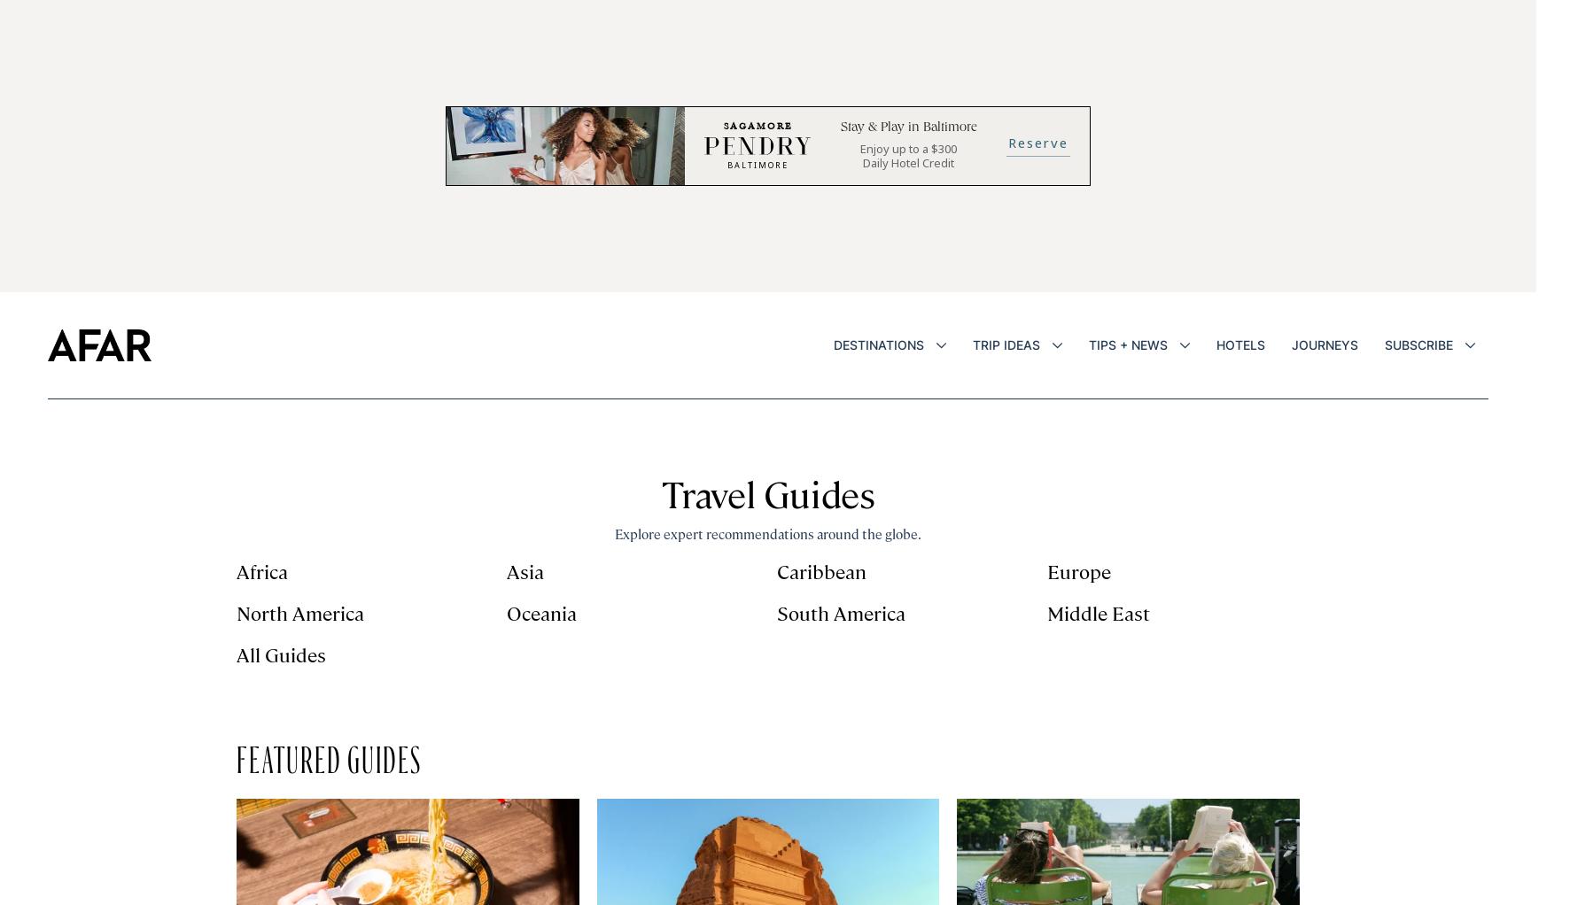 The height and width of the screenshot is (905, 1593). I want to click on 'Health + Wellness', so click(1268, 602).